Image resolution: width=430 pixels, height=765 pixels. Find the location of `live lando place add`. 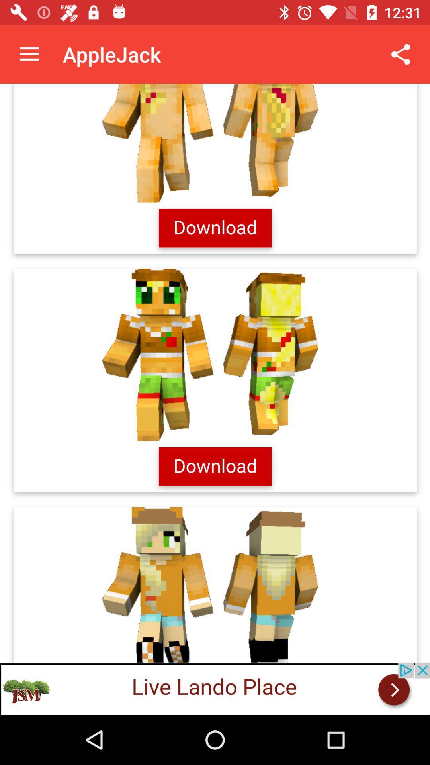

live lando place add is located at coordinates (215, 688).